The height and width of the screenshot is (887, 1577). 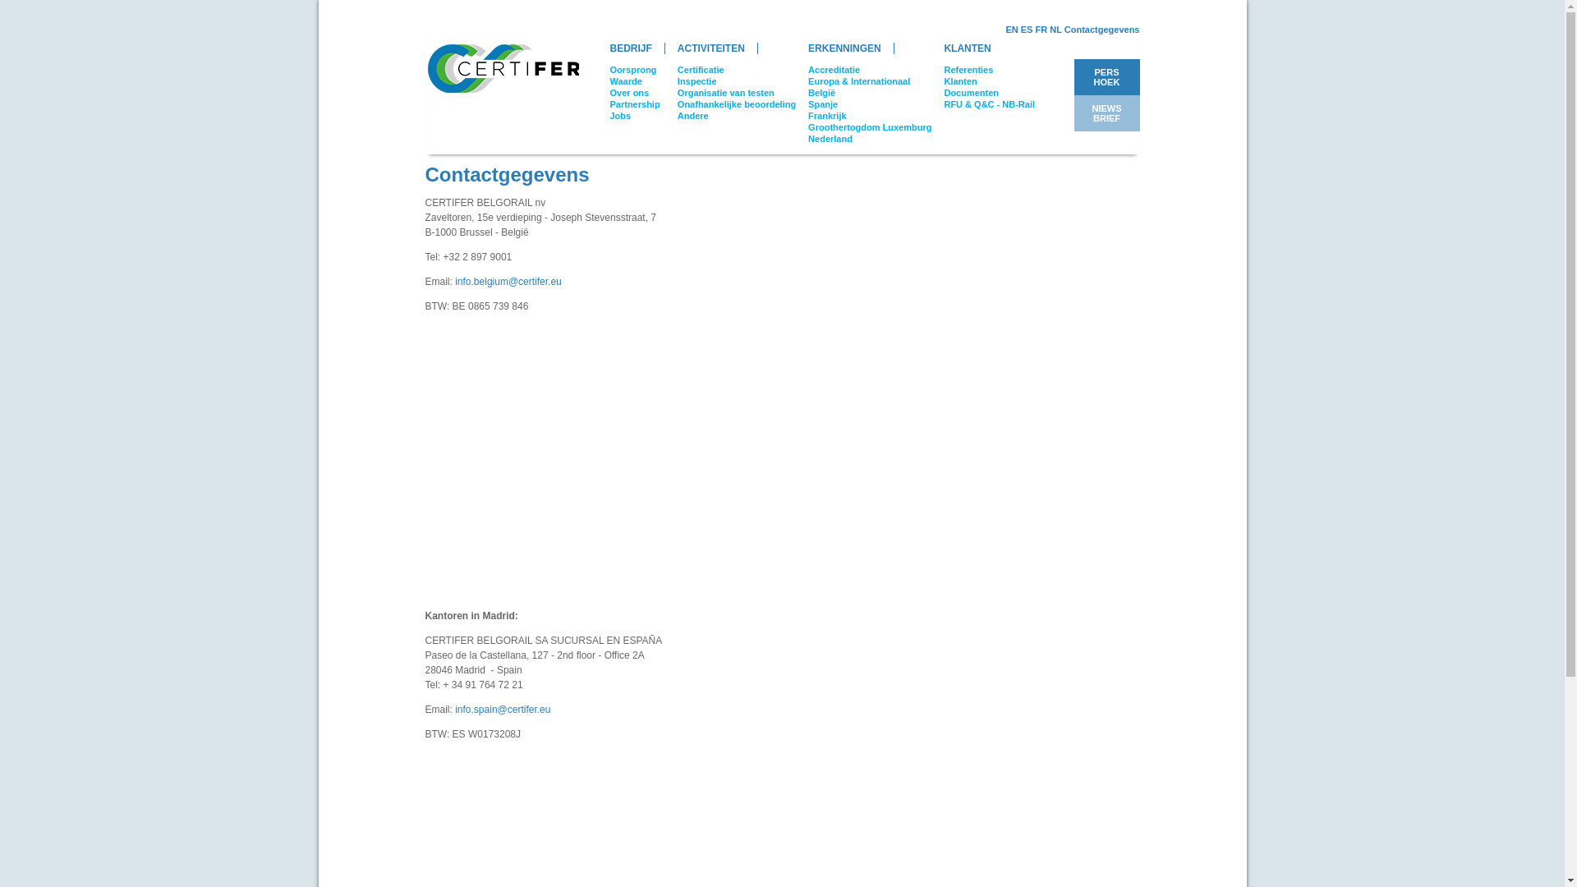 I want to click on 'Klanten', so click(x=960, y=81).